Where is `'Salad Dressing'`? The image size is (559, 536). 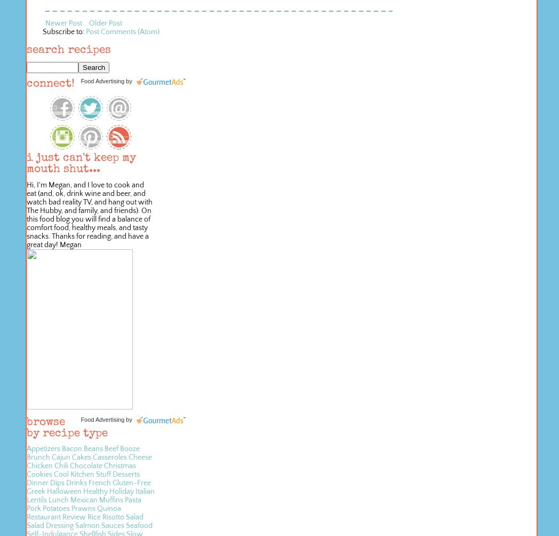 'Salad Dressing' is located at coordinates (50, 525).